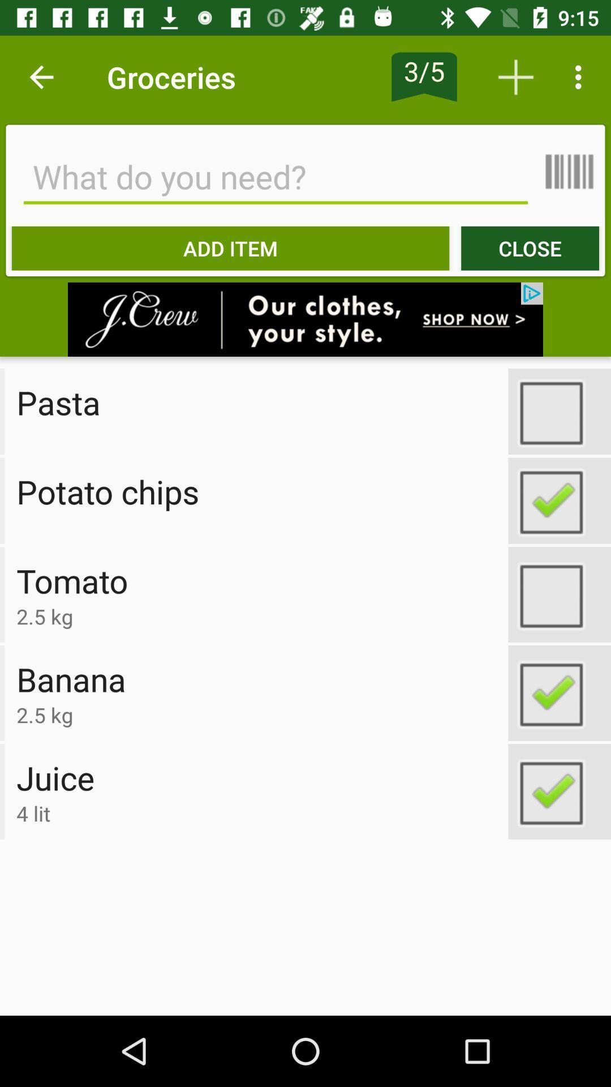 The height and width of the screenshot is (1087, 611). What do you see at coordinates (276, 176) in the screenshot?
I see `search button` at bounding box center [276, 176].